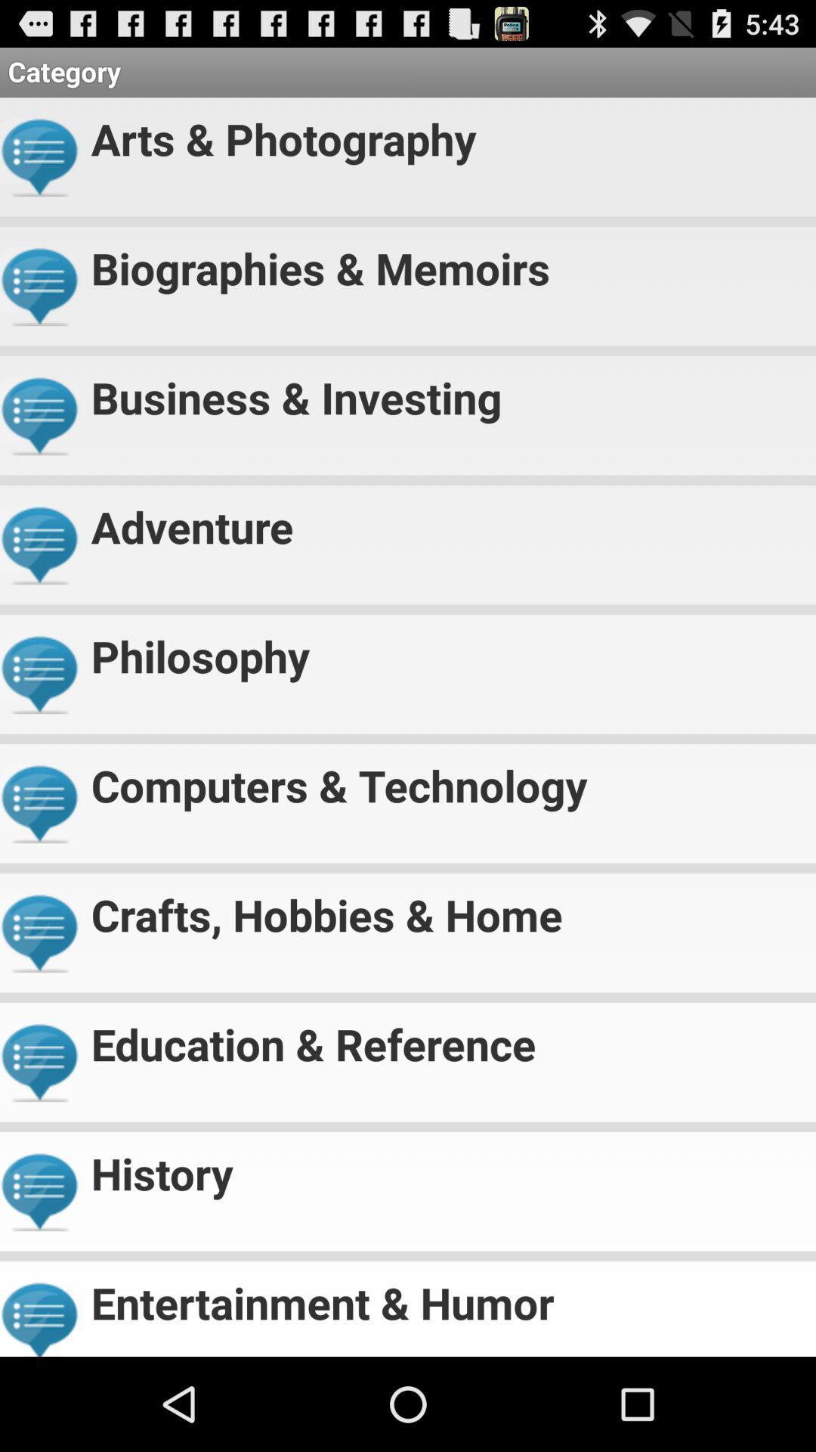  Describe the element at coordinates (447, 520) in the screenshot. I see `adventure item` at that location.